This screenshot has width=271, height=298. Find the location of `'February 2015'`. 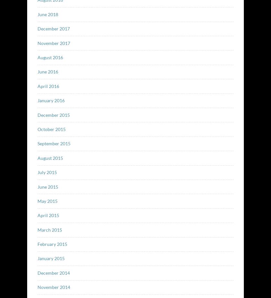

'February 2015' is located at coordinates (52, 244).